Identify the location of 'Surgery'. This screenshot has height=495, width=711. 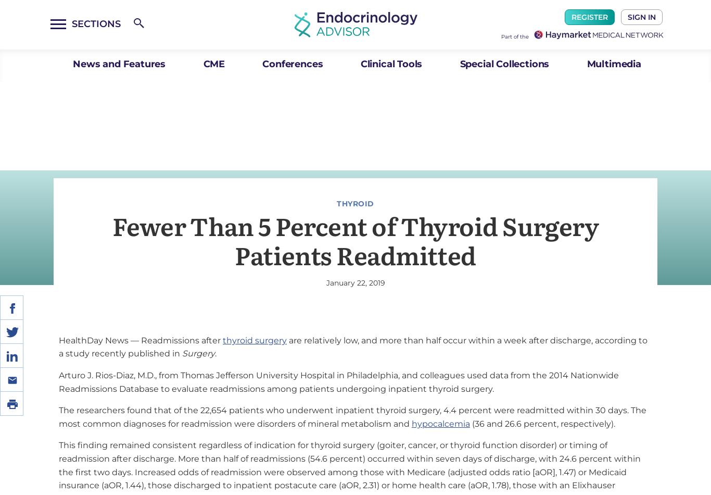
(198, 353).